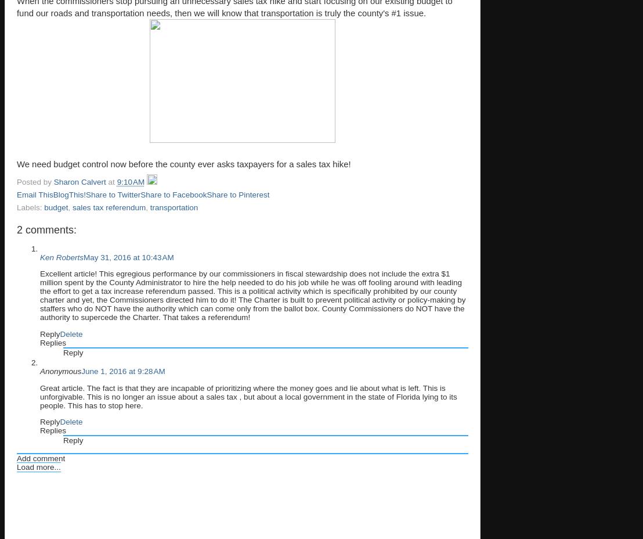 Image resolution: width=643 pixels, height=539 pixels. I want to click on 'transportation', so click(174, 207).